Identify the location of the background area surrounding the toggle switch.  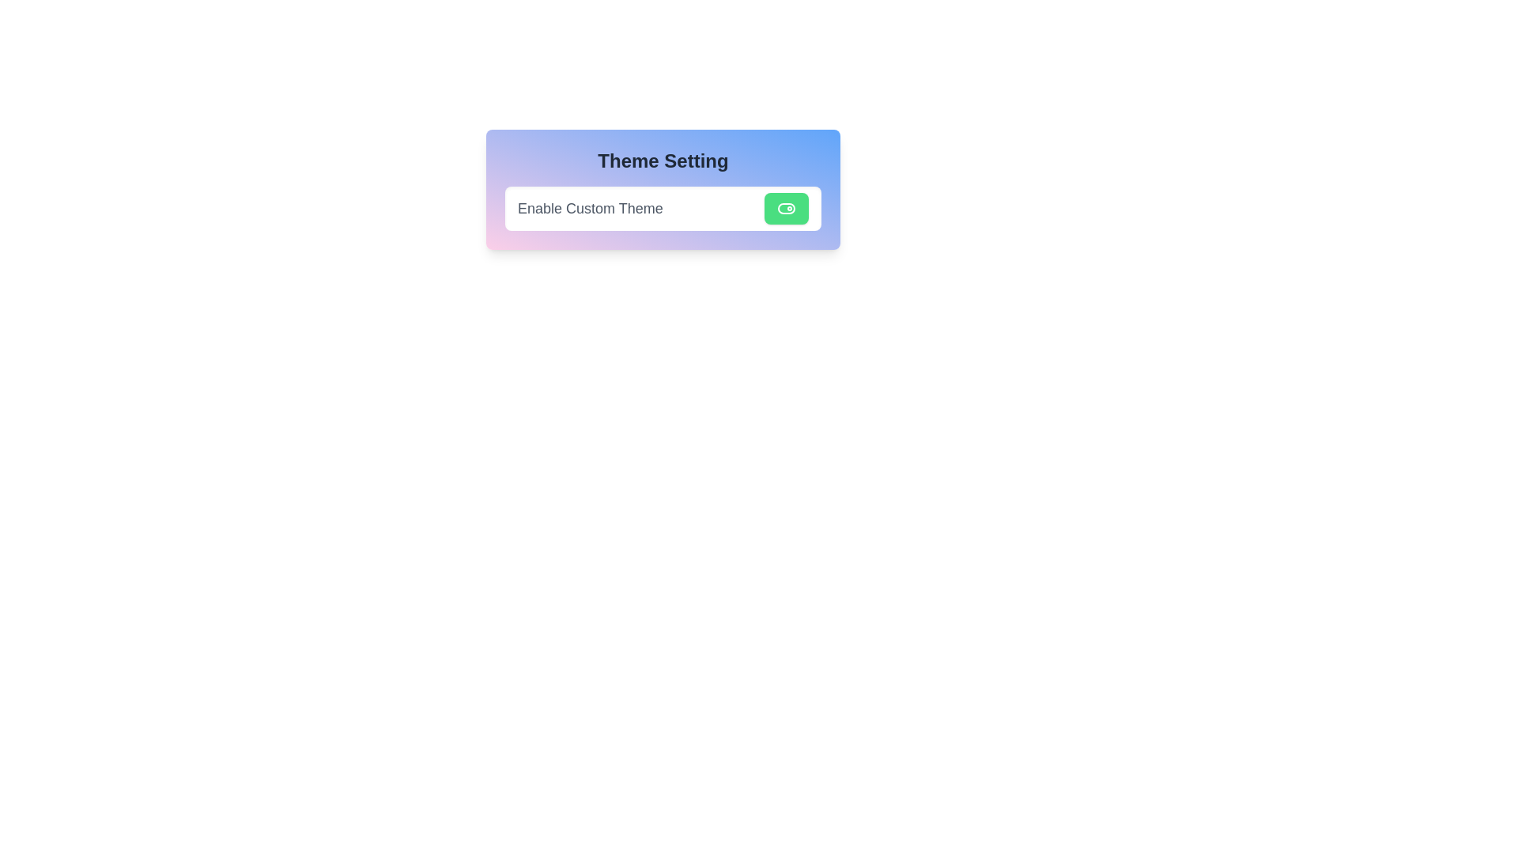
(395, 395).